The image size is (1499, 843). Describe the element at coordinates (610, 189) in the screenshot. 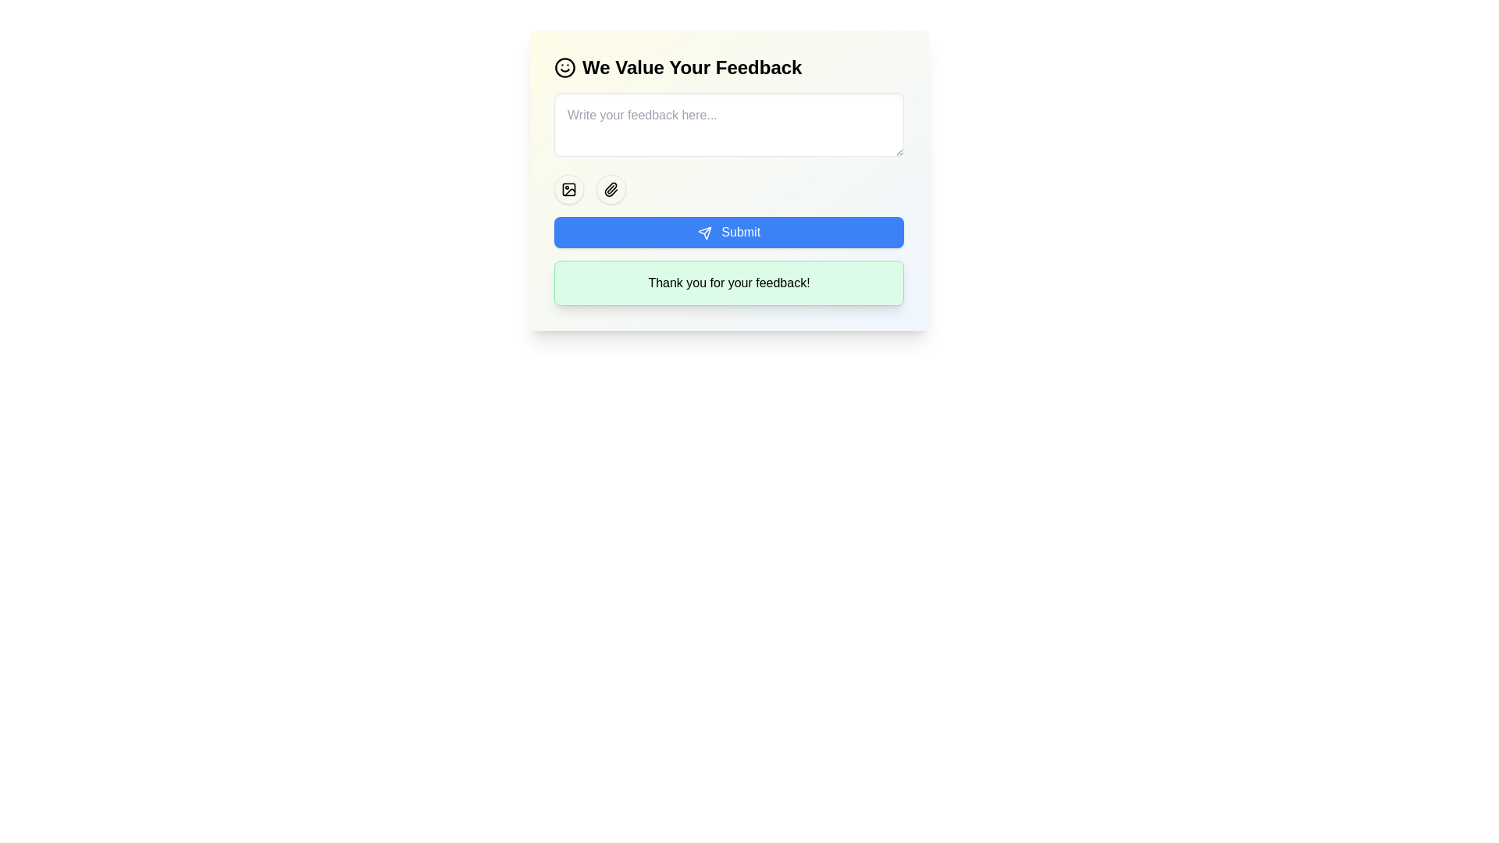

I see `the circular button with a paperclip icon to trigger a style change` at that location.